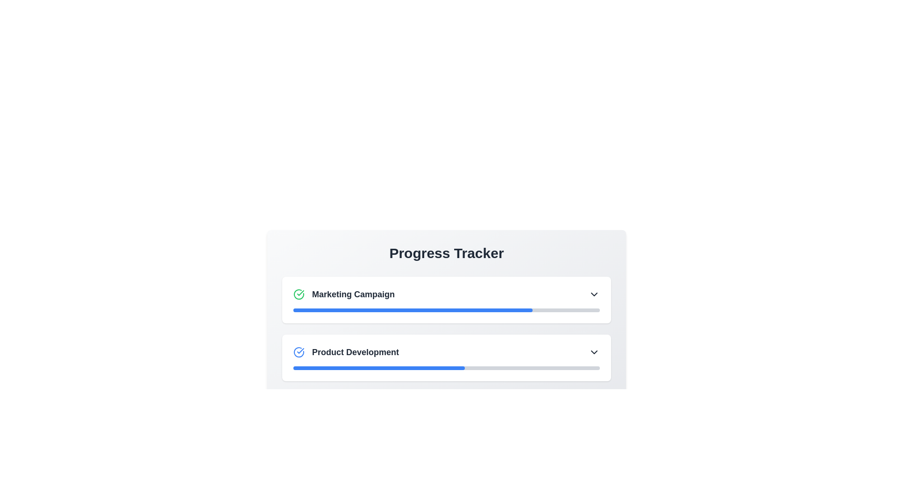 The height and width of the screenshot is (504, 897). What do you see at coordinates (446, 368) in the screenshot?
I see `the progress representation of the Progress Indicator located in the 'Product Development' section under 'Progress Tracker'` at bounding box center [446, 368].